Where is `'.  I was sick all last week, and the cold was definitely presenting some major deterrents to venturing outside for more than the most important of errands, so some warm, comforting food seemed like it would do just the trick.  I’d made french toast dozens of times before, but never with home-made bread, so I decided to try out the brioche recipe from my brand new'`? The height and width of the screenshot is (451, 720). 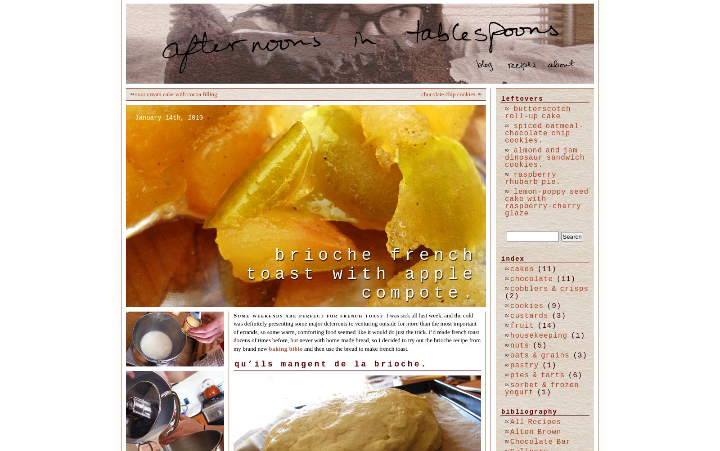 '.  I was sick all last week, and the cold was definitely presenting some major deterrents to venturing outside for more than the most important of errands, so some warm, comforting food seemed like it would do just the trick.  I’d made french toast dozens of times before, but never with home-made bread, so I decided to try out the brioche recipe from my brand new' is located at coordinates (357, 331).